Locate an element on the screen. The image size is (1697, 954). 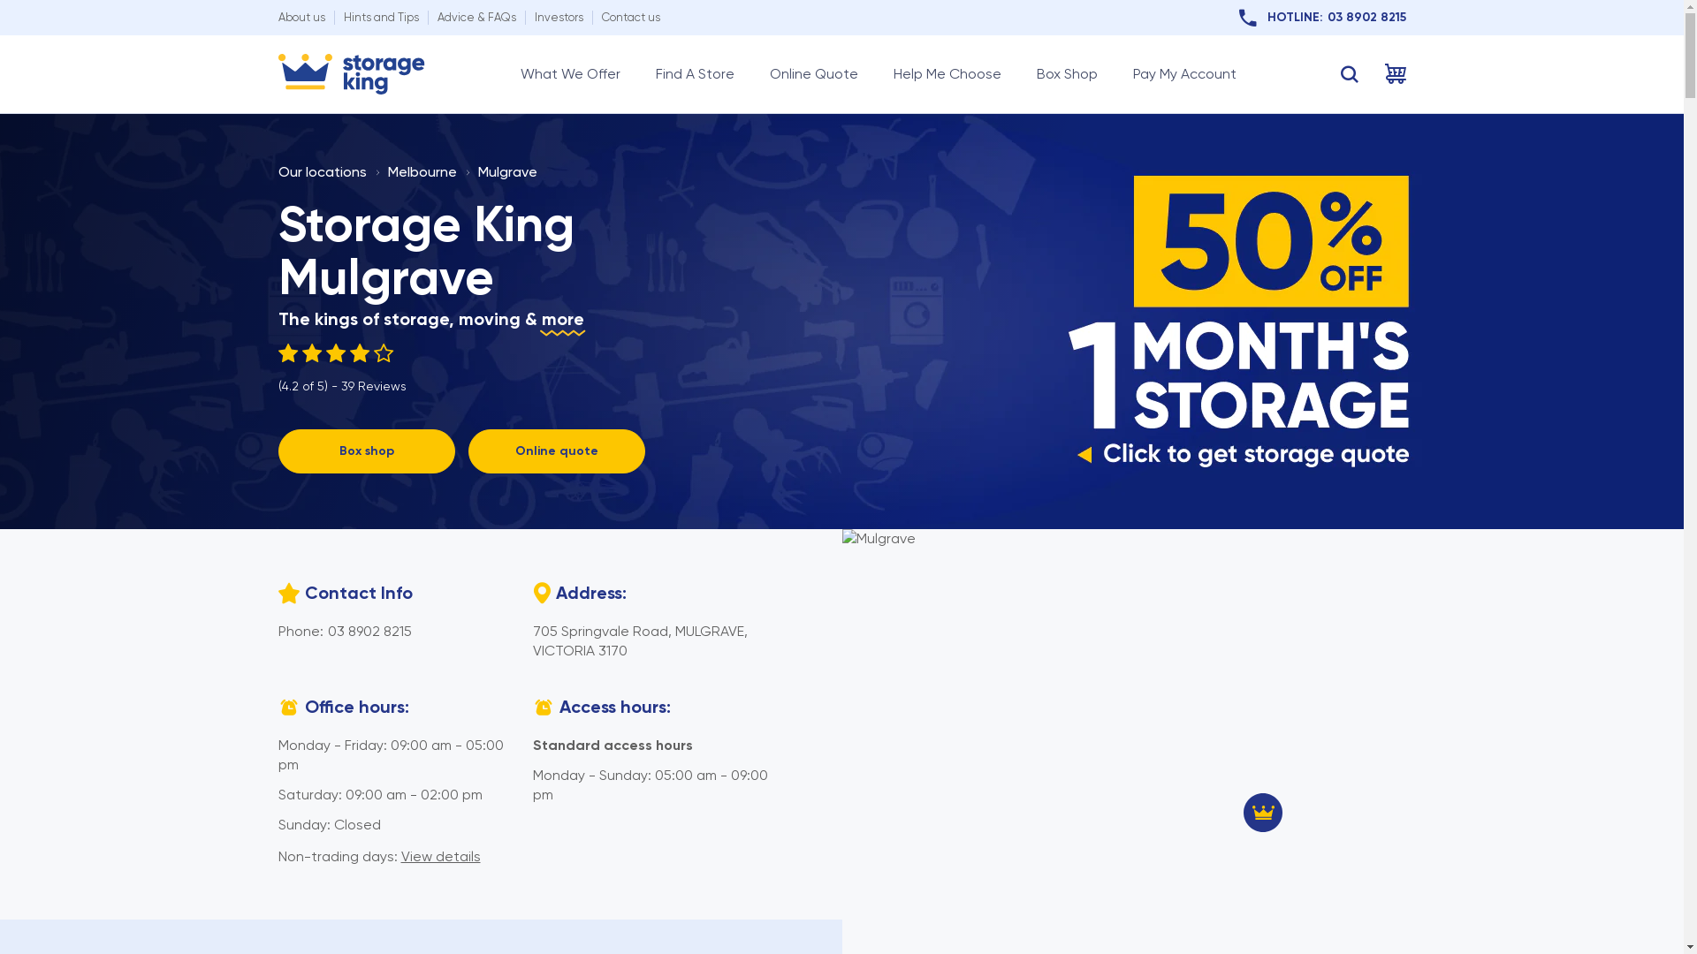
'Box Shop' is located at coordinates (1065, 73).